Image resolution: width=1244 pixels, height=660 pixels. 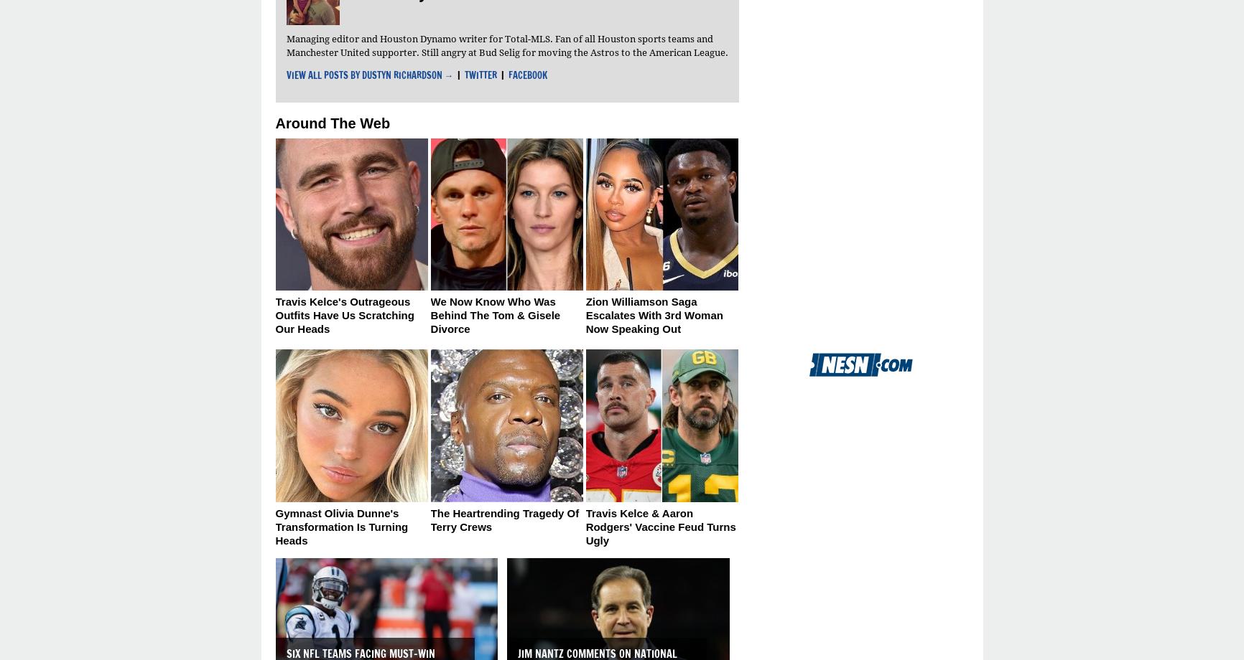 I want to click on 'Around The Web', so click(x=332, y=122).